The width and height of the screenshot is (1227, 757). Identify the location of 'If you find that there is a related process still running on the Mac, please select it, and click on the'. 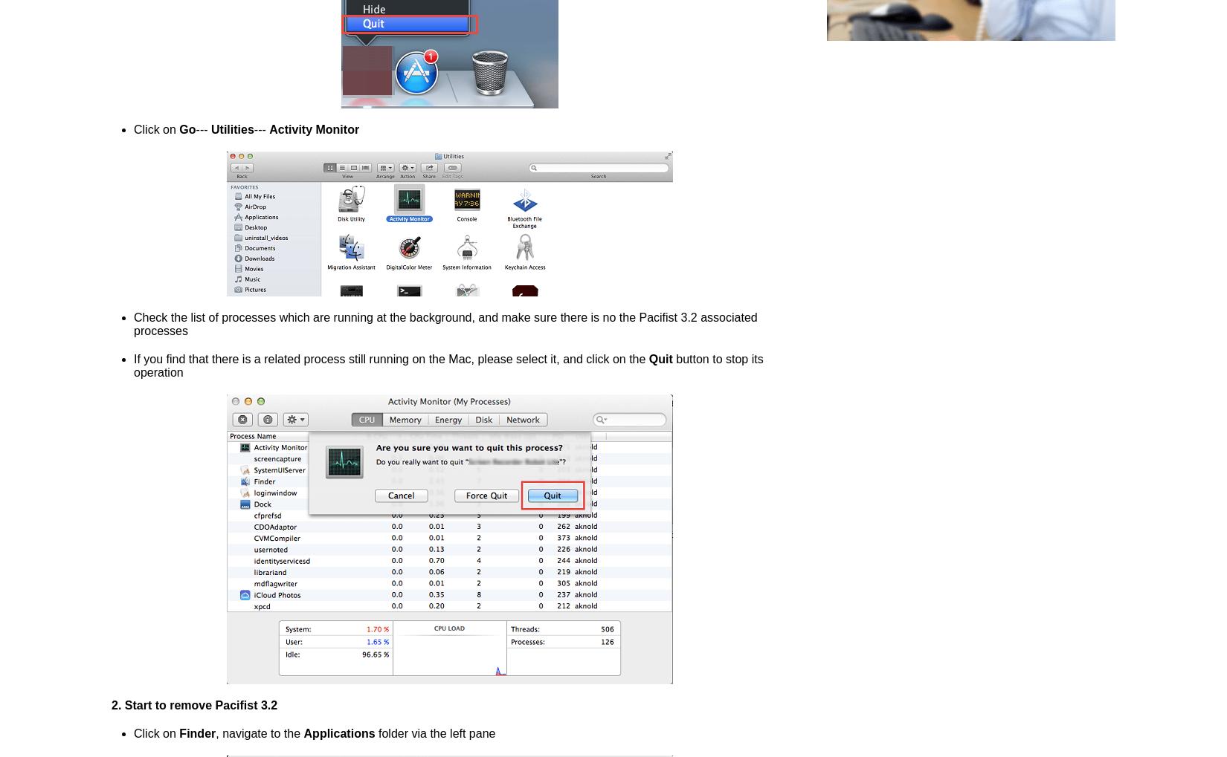
(134, 358).